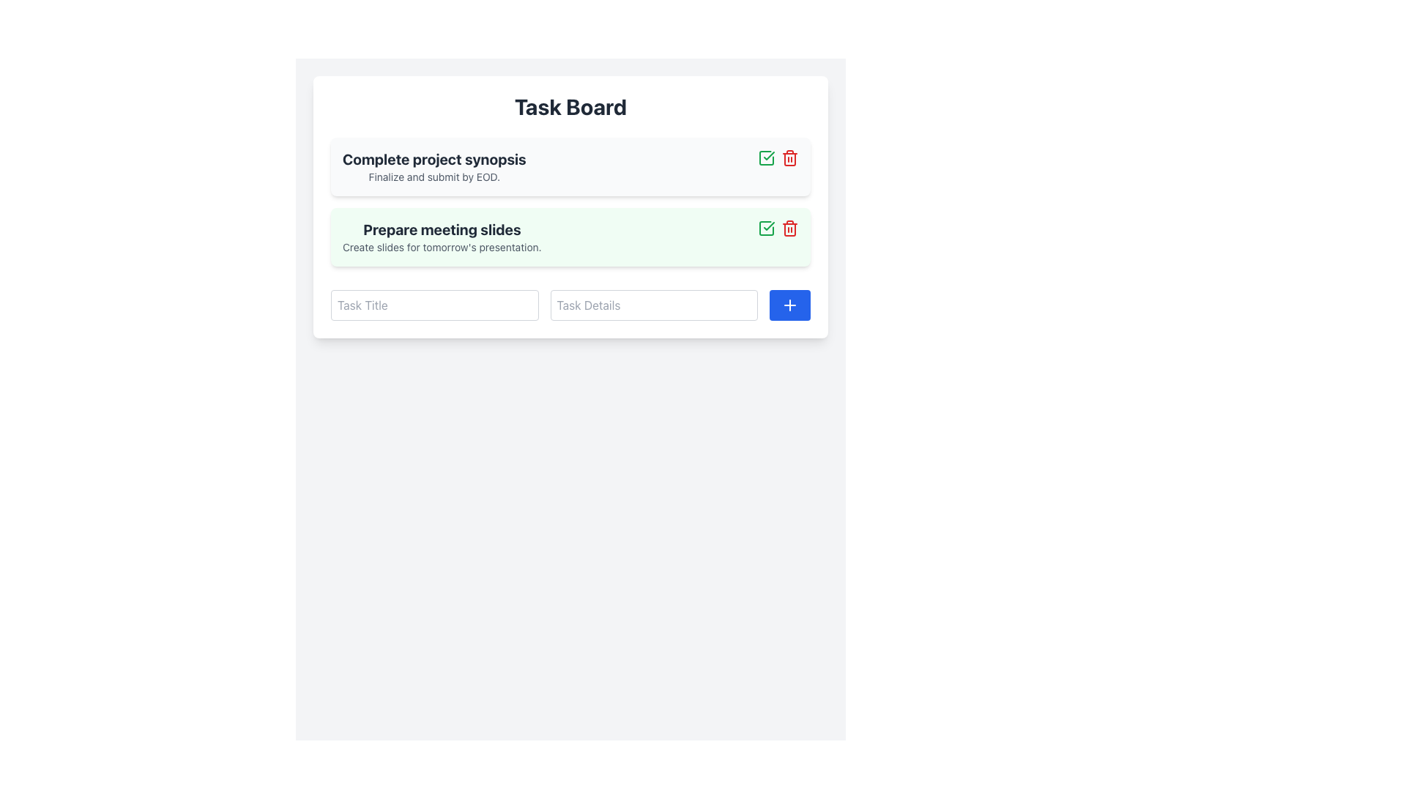 This screenshot has height=791, width=1406. What do you see at coordinates (441, 229) in the screenshot?
I see `the text label that serves as the title for the second task card in the task management board, located just below the 'Task Board' header` at bounding box center [441, 229].